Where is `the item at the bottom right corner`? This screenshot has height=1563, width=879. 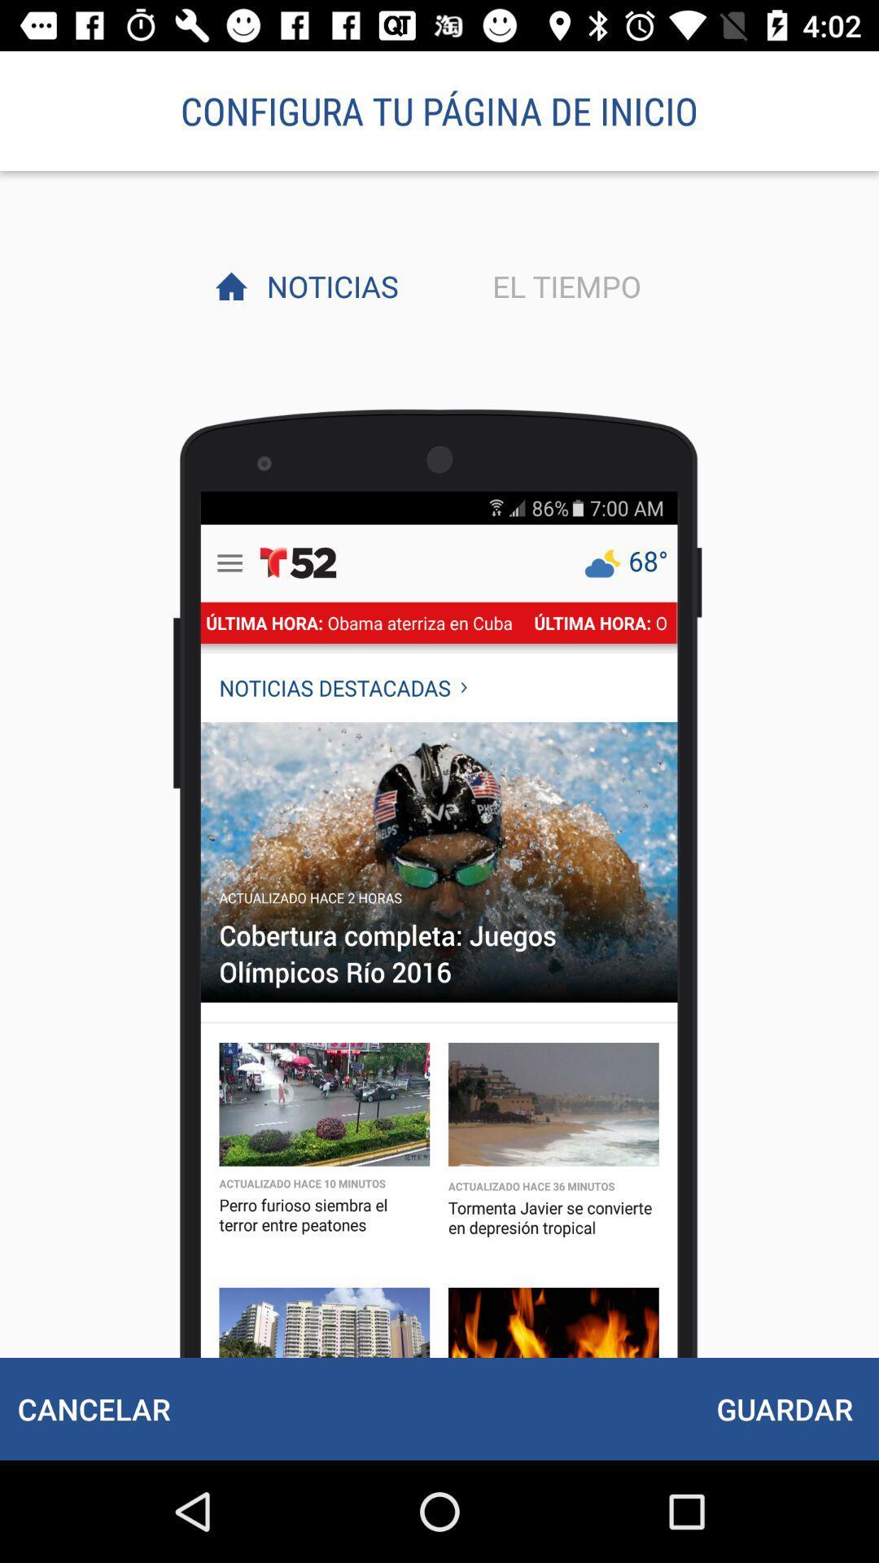
the item at the bottom right corner is located at coordinates (784, 1408).